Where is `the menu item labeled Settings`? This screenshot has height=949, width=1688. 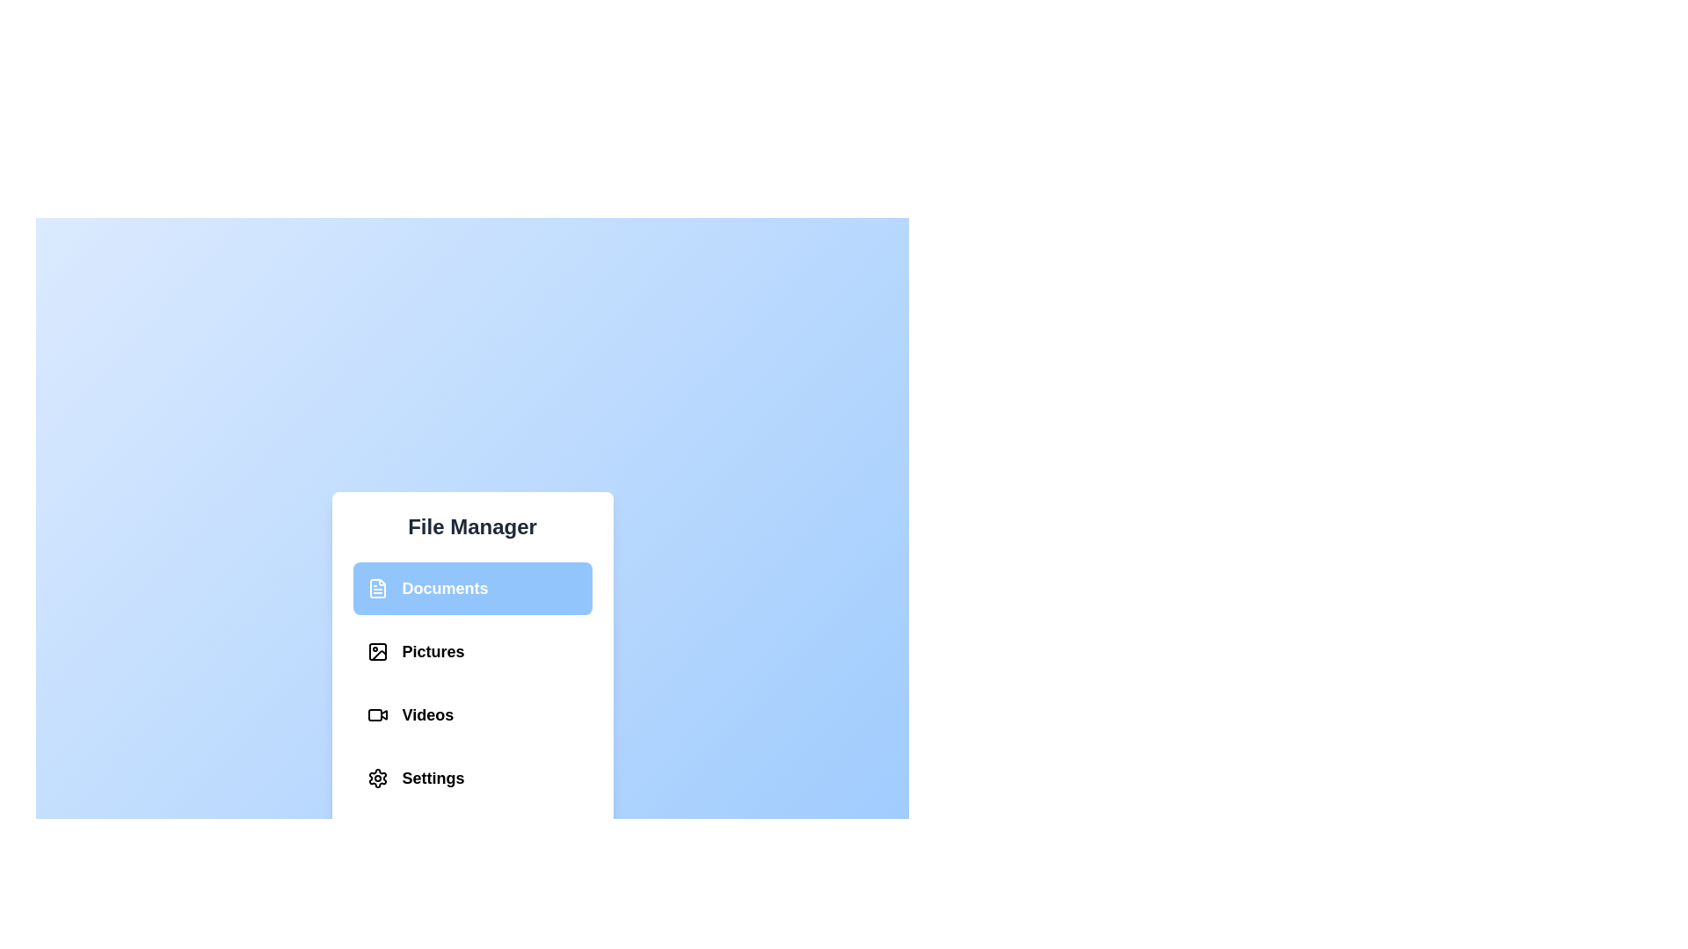
the menu item labeled Settings is located at coordinates (472, 778).